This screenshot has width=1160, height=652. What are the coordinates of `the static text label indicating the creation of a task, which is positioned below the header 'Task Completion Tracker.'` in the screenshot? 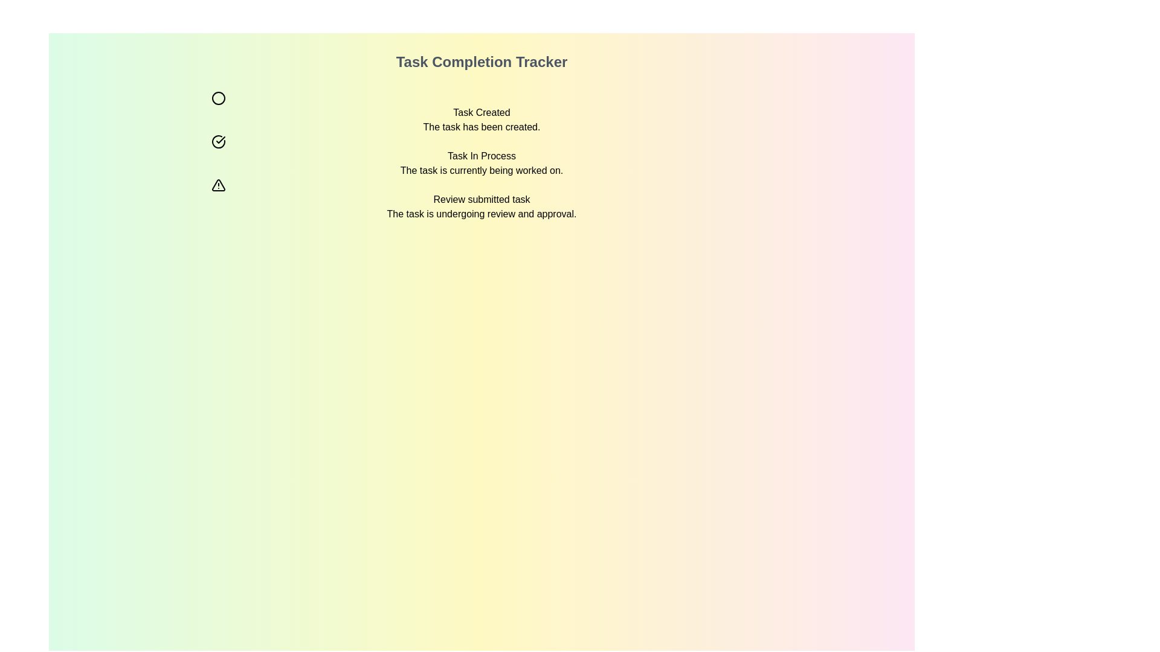 It's located at (481, 112).